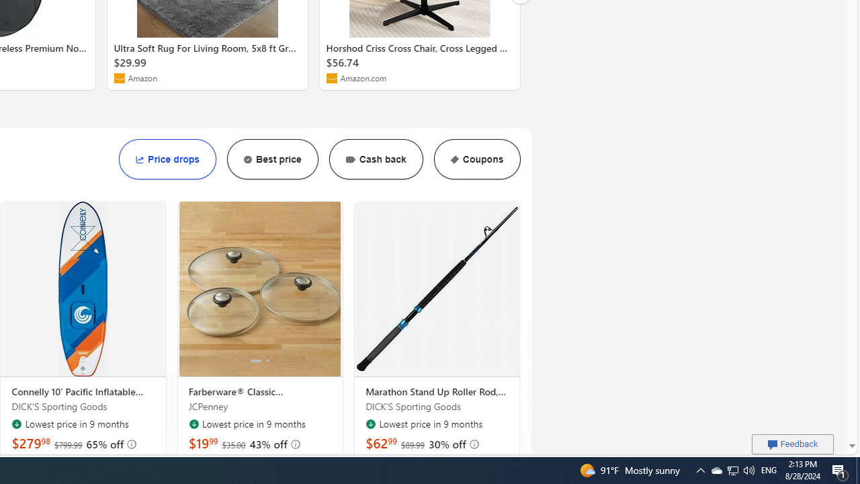 This screenshot has height=484, width=860. Describe the element at coordinates (793, 444) in the screenshot. I see `'Feedback'` at that location.